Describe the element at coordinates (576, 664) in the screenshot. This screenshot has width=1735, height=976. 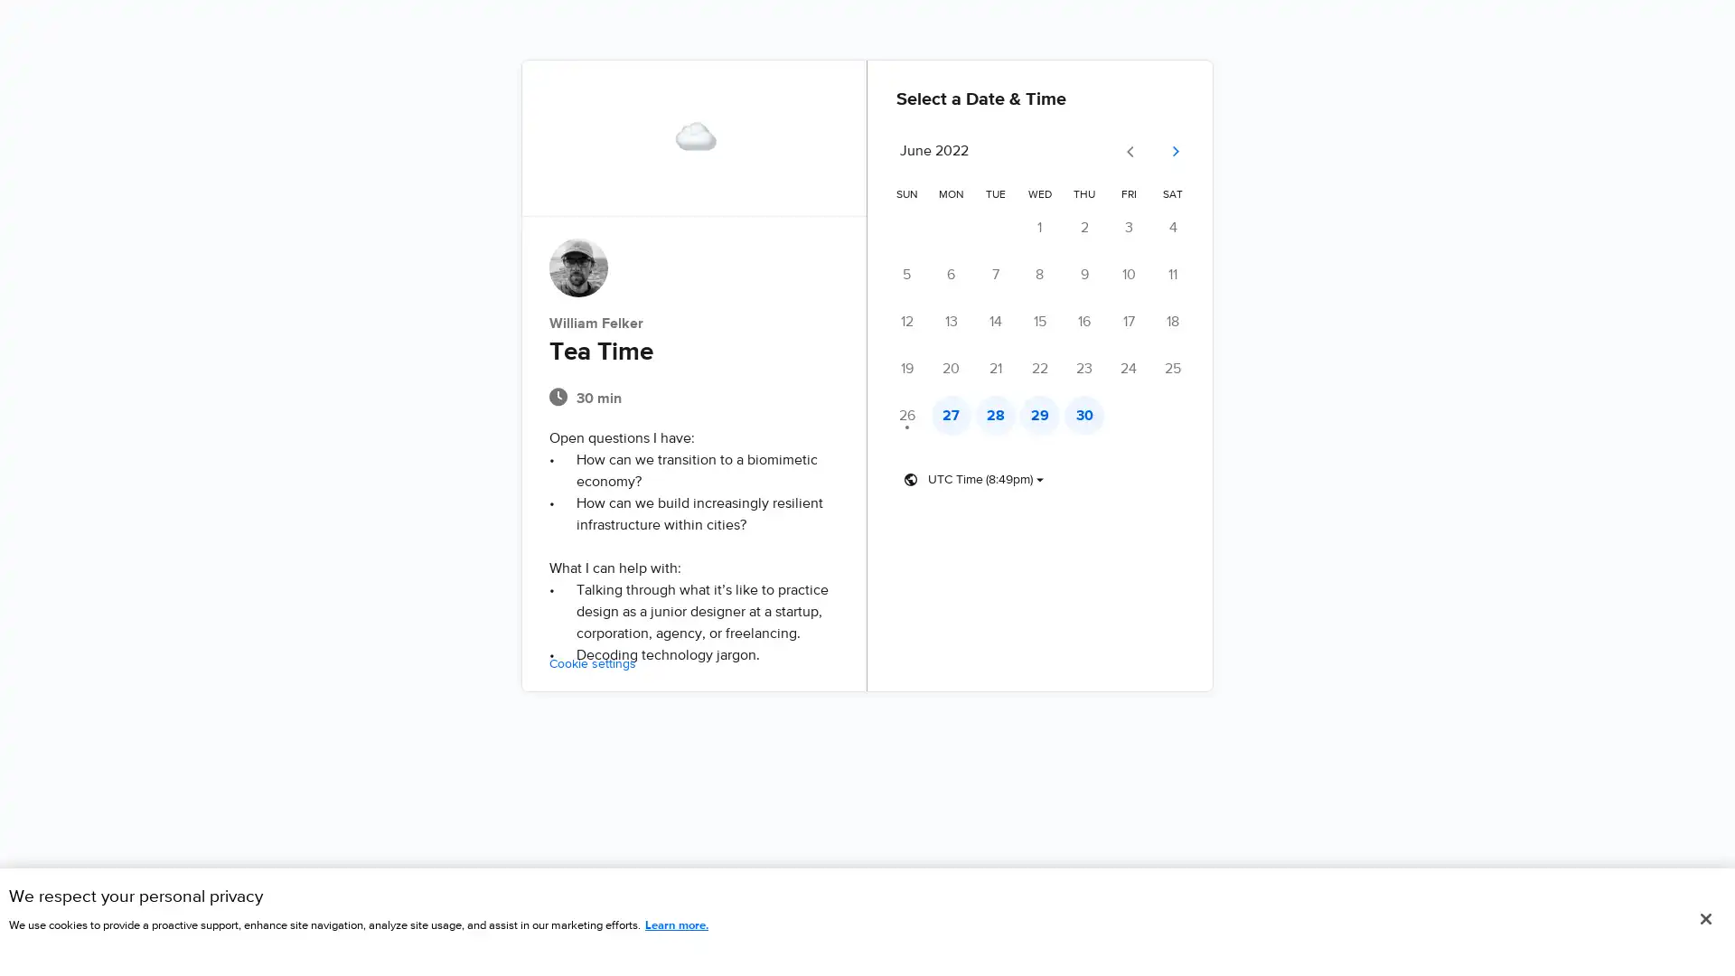
I see `Cookie settings` at that location.